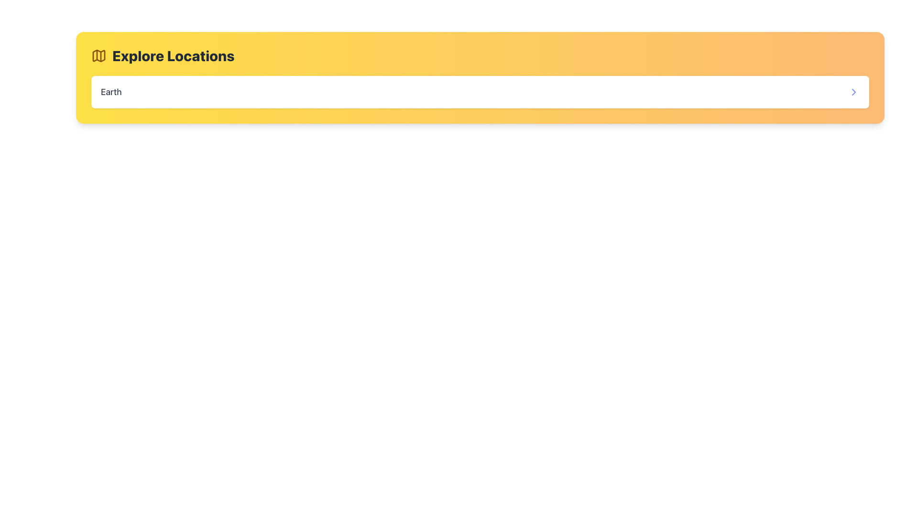 This screenshot has width=918, height=516. Describe the element at coordinates (173, 55) in the screenshot. I see `the text label displaying 'Explore Locations', which is prominently positioned on a yellow background next to a map icon` at that location.